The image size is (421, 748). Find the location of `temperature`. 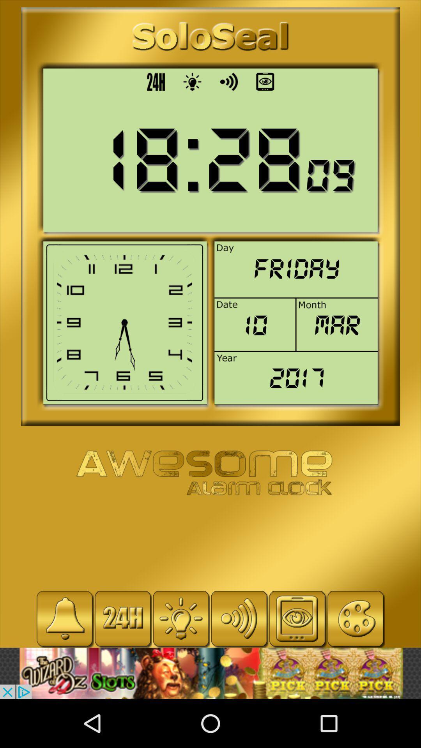

temperature is located at coordinates (181, 618).